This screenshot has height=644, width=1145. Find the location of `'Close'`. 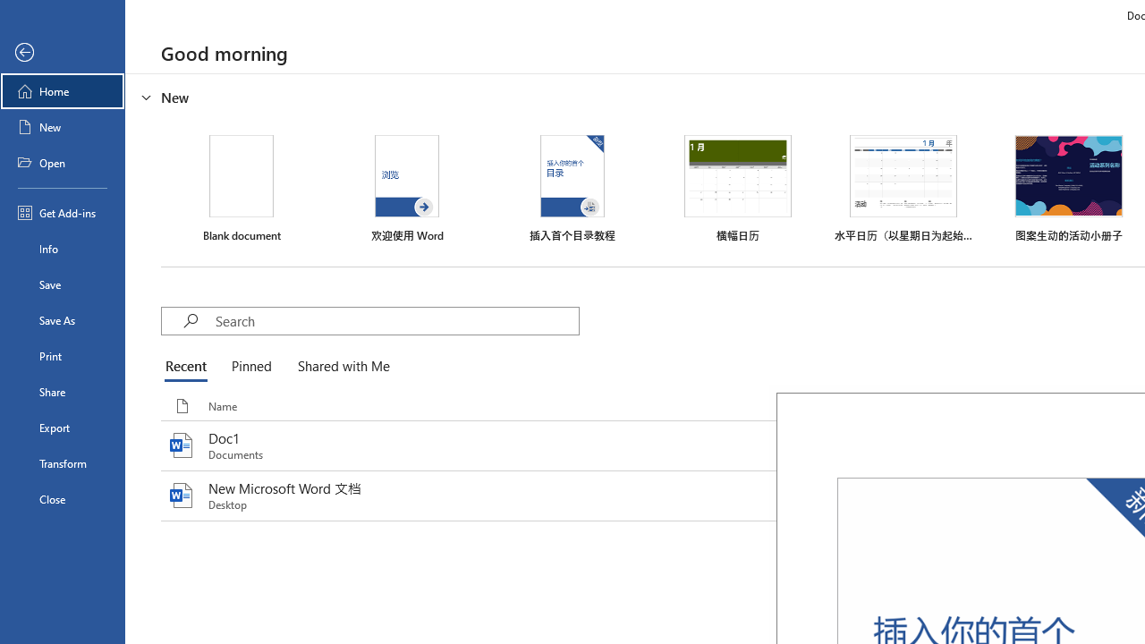

'Close' is located at coordinates (62, 499).